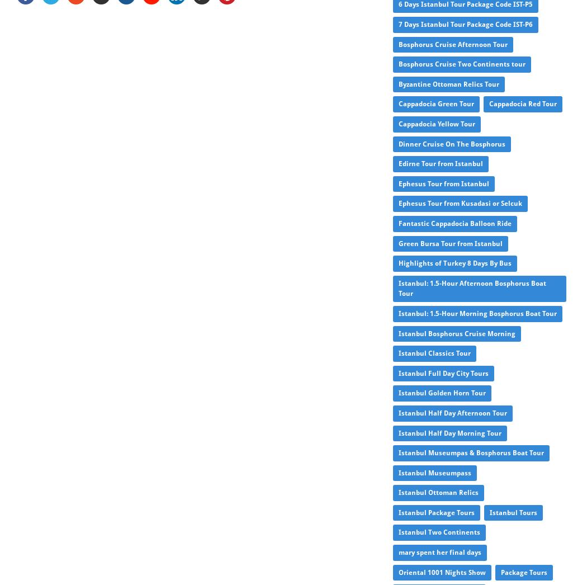 Image resolution: width=587 pixels, height=585 pixels. Describe the element at coordinates (443, 183) in the screenshot. I see `'Ephesus Tour from Istanbul'` at that location.